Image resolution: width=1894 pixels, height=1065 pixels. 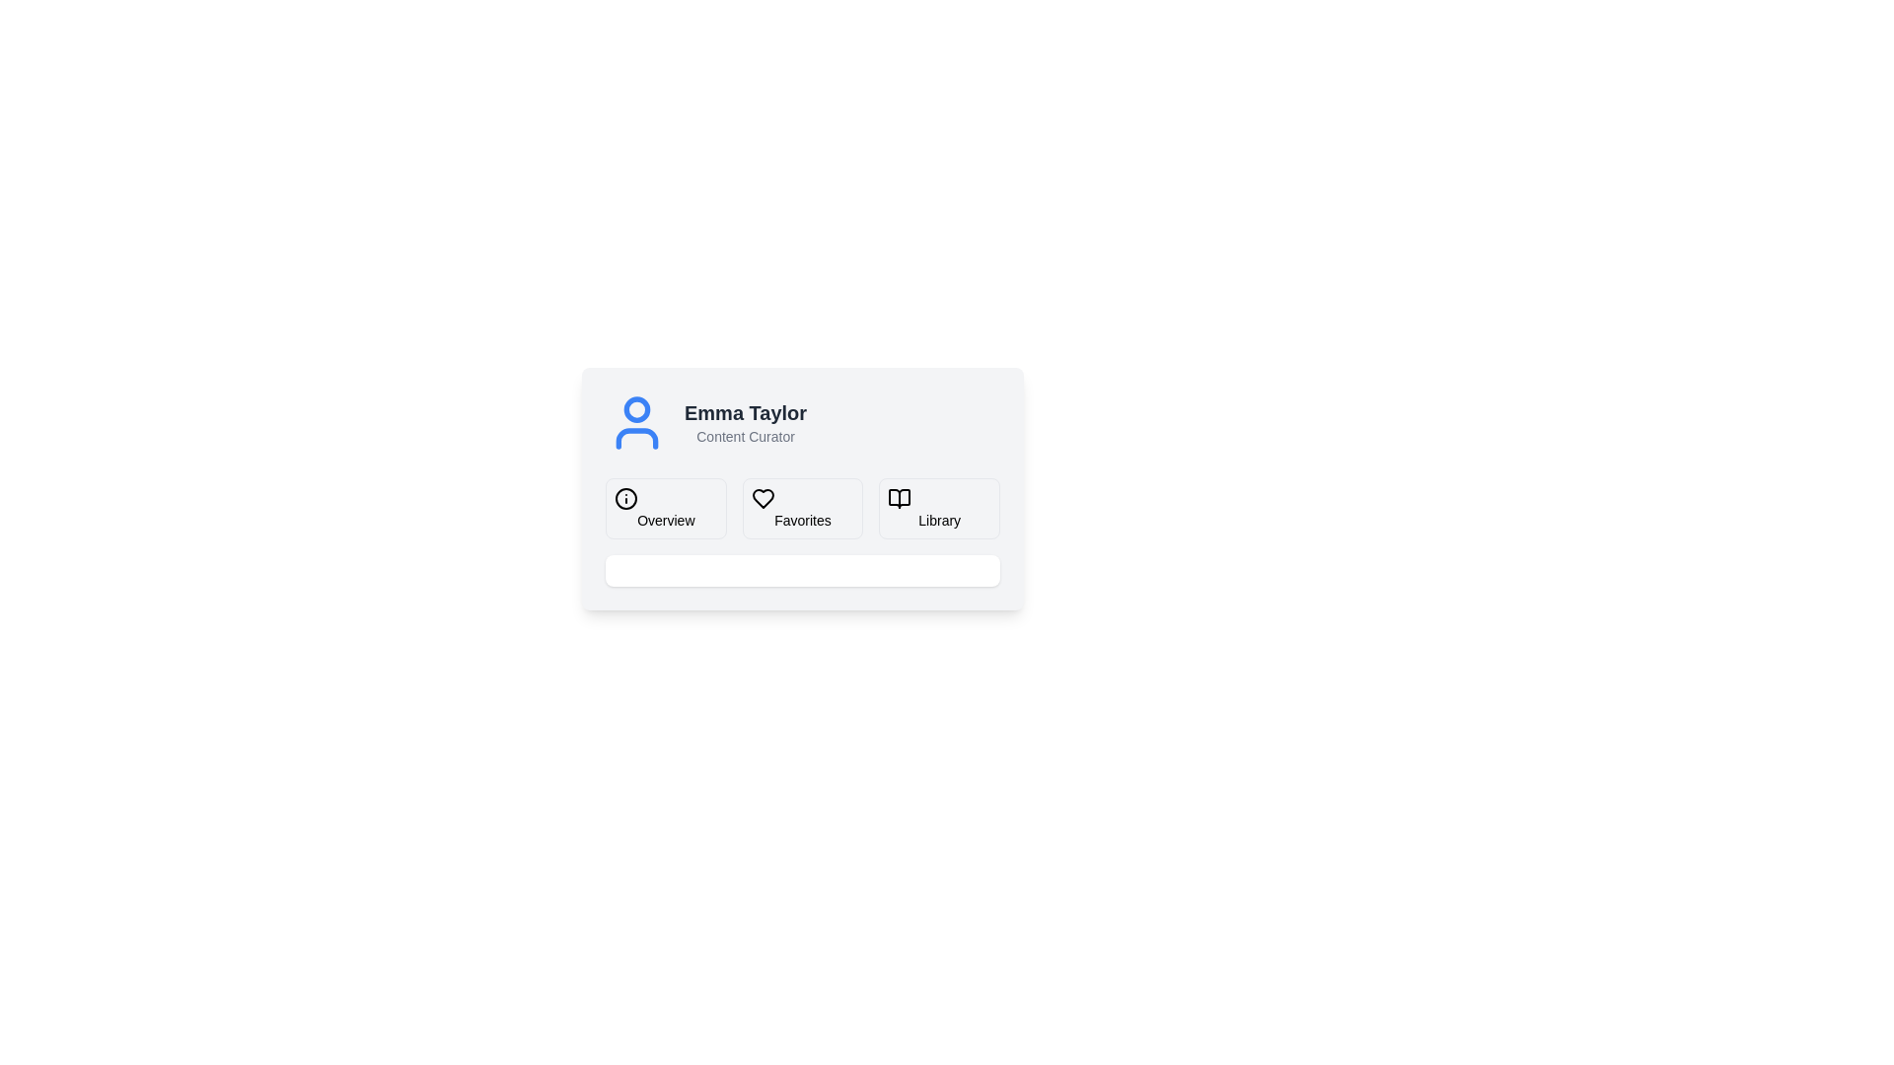 What do you see at coordinates (938, 520) in the screenshot?
I see `text label displaying 'Library' which is located below the book icon in the third group of interactive options` at bounding box center [938, 520].